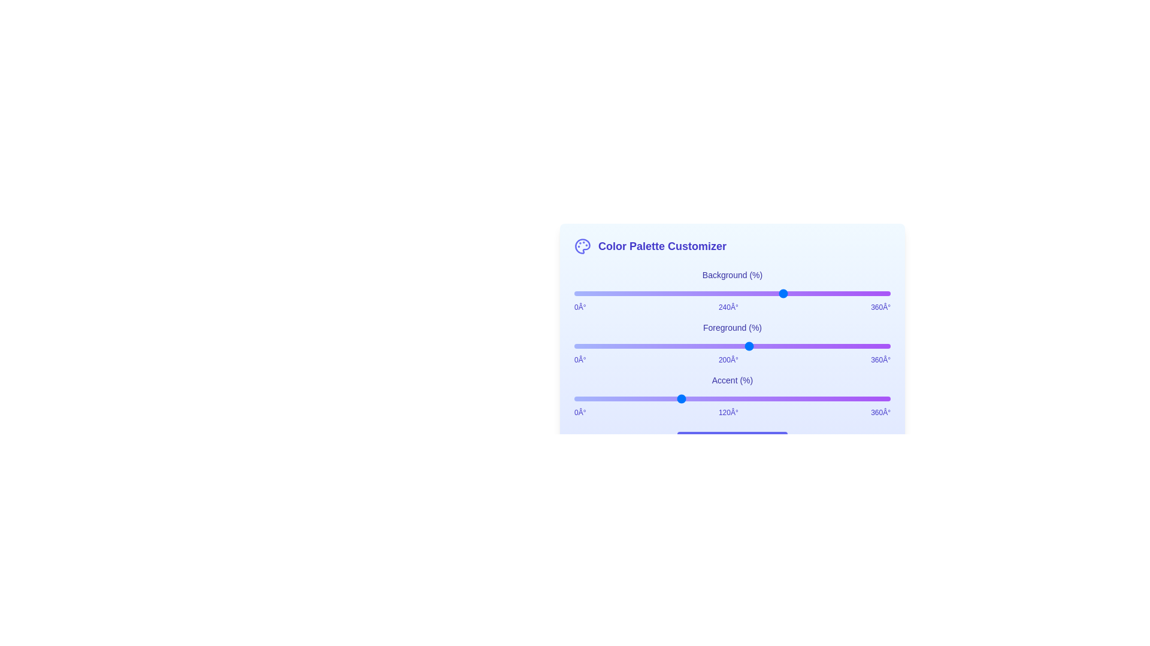  What do you see at coordinates (732, 327) in the screenshot?
I see `the text 'Foreground (%)' to highlight it` at bounding box center [732, 327].